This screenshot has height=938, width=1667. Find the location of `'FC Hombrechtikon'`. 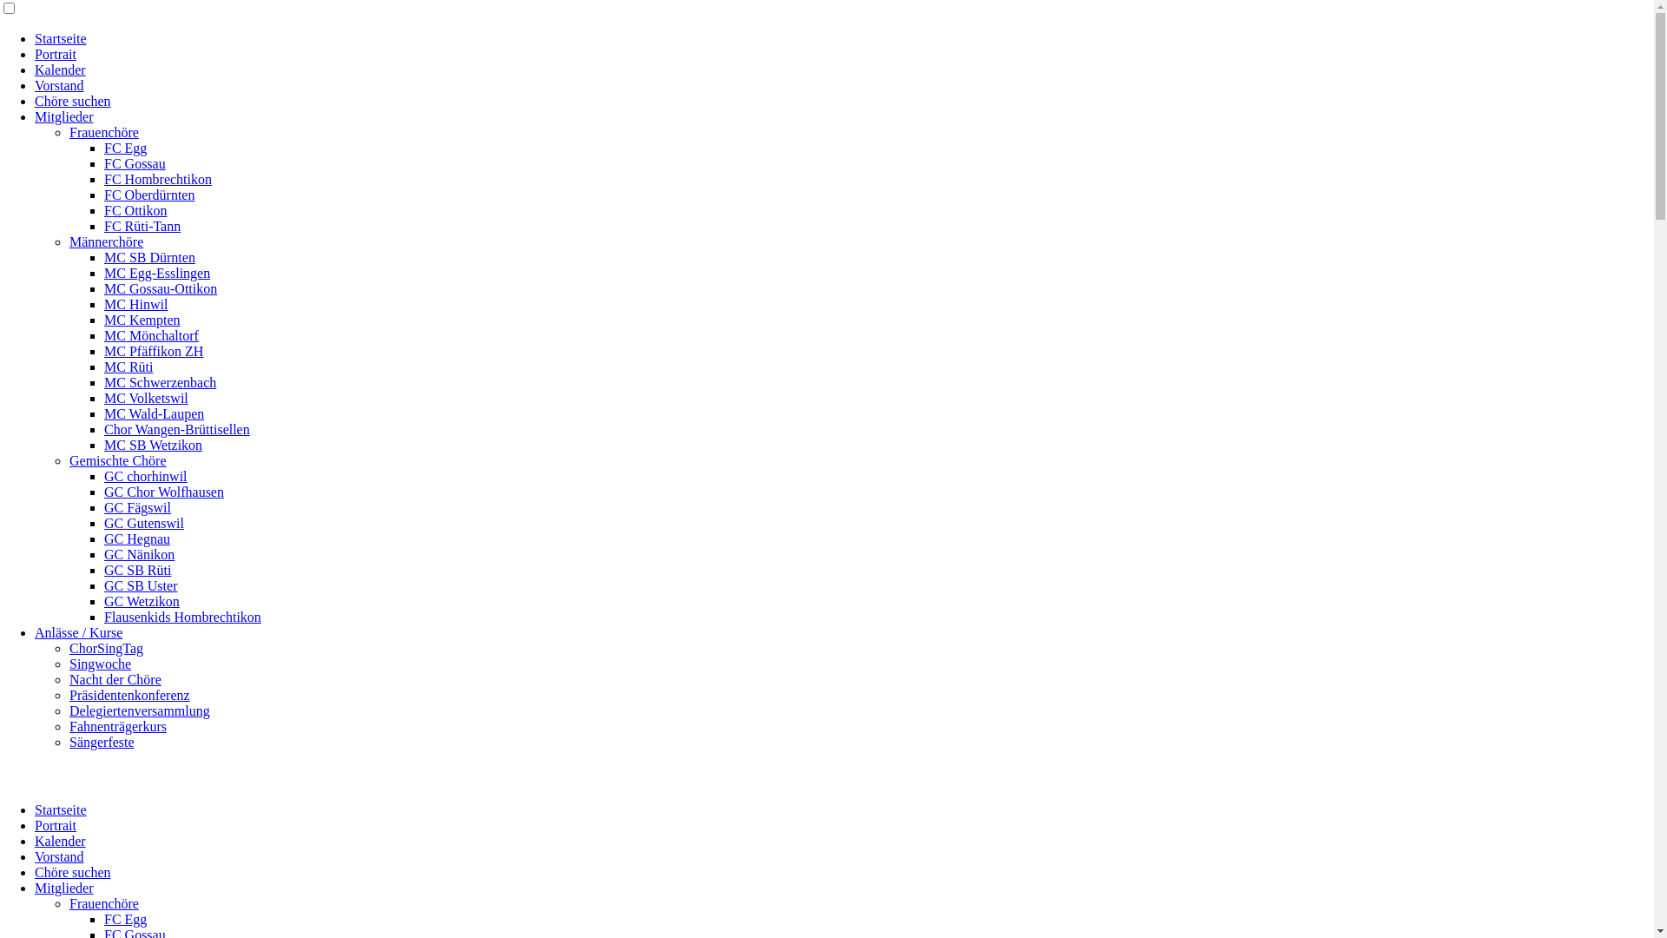

'FC Hombrechtikon' is located at coordinates (158, 179).